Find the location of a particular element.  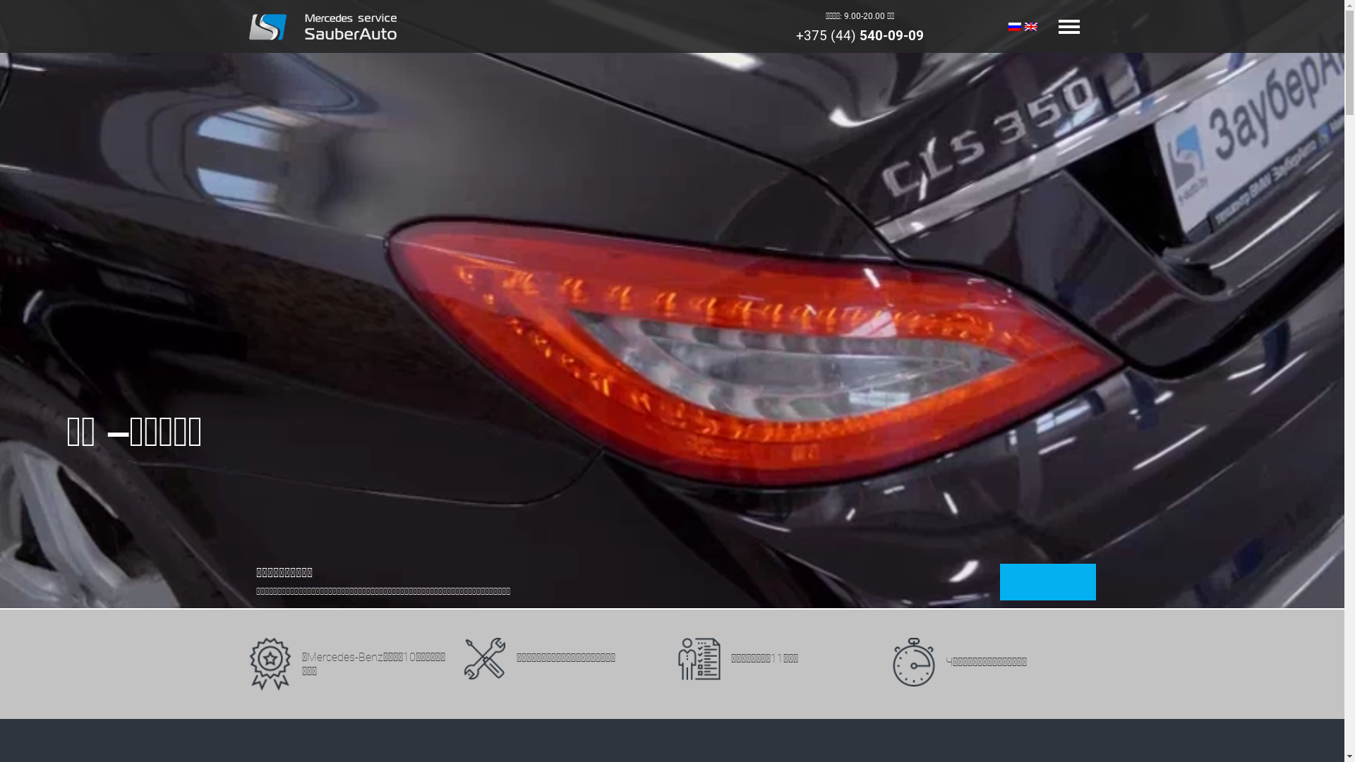

'+375 (44) 540-09-09' is located at coordinates (859, 35).